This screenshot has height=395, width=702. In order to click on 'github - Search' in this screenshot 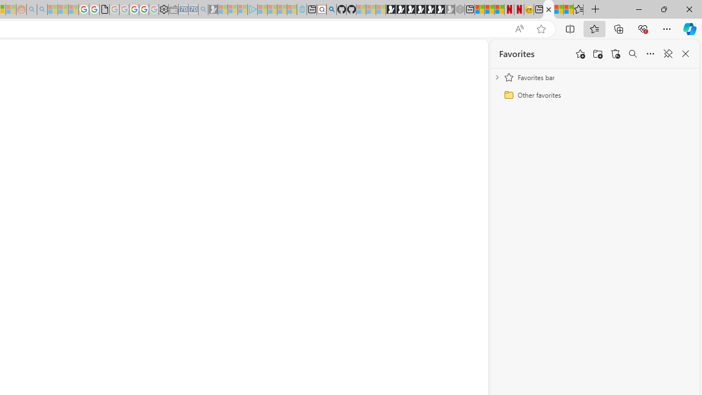, I will do `click(331, 9)`.